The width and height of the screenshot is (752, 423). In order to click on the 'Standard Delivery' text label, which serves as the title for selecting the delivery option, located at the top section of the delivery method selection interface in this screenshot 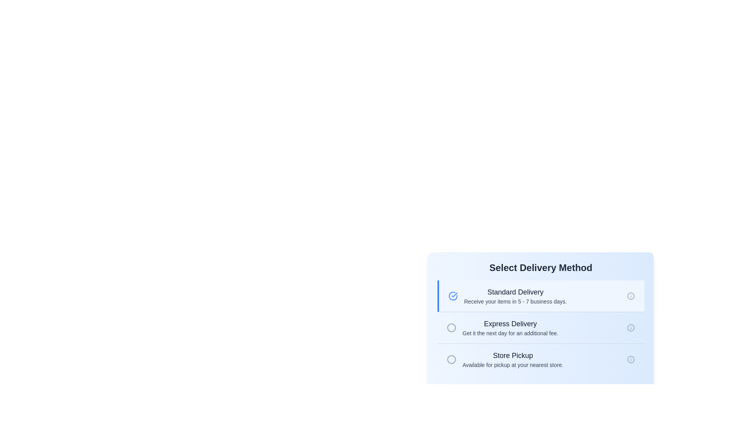, I will do `click(515, 292)`.